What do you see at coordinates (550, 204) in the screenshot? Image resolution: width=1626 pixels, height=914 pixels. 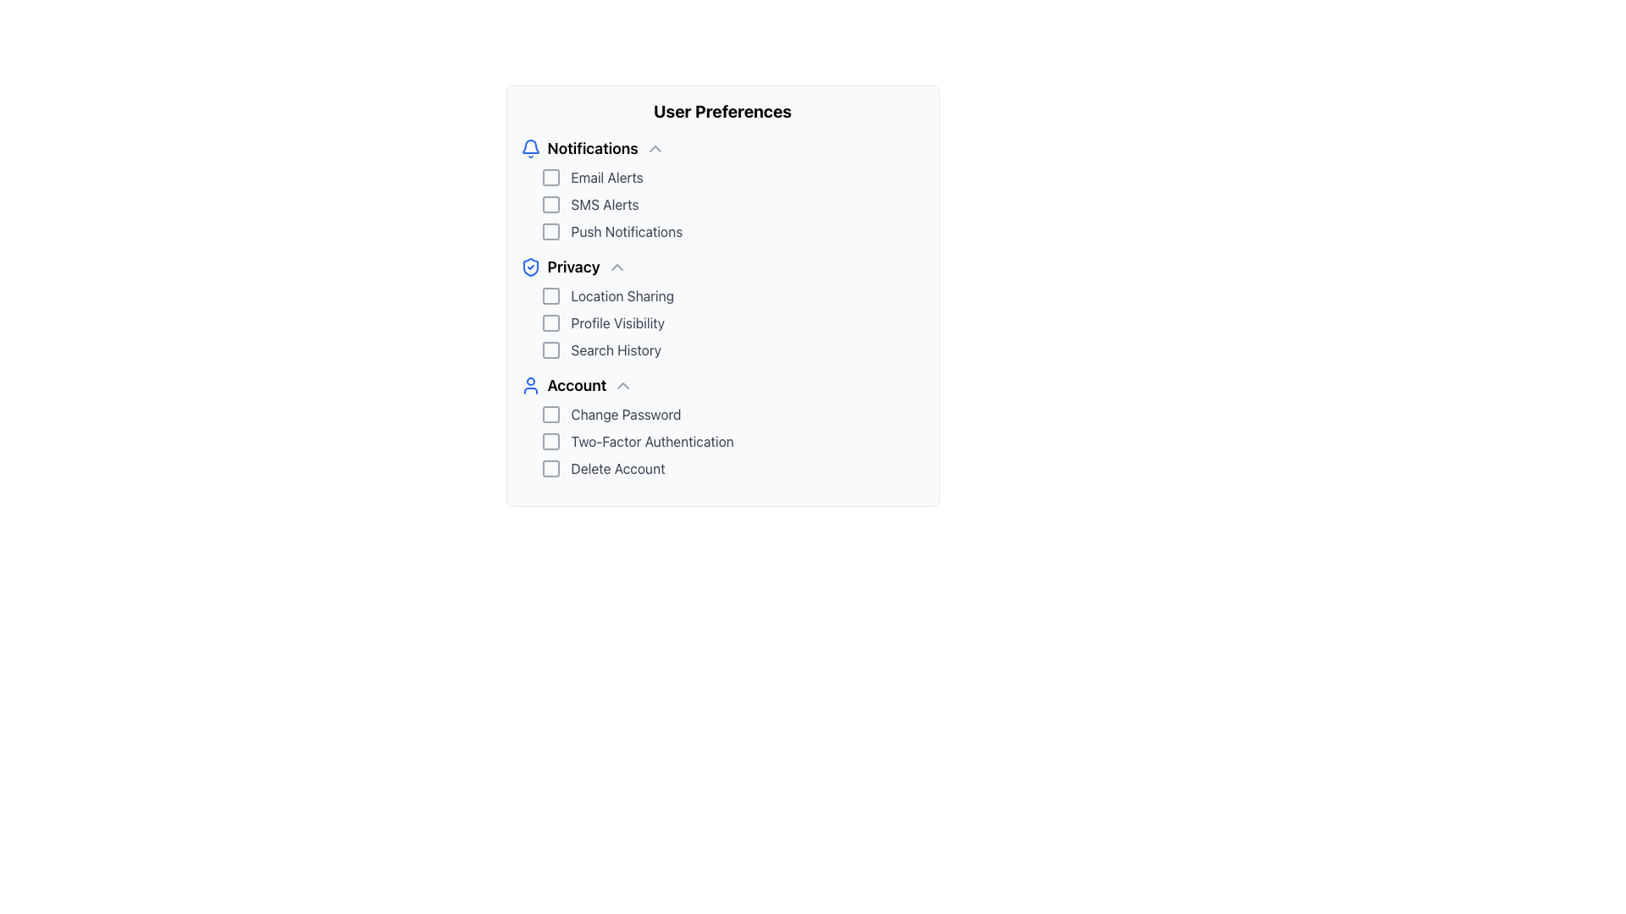 I see `the checkbox` at bounding box center [550, 204].